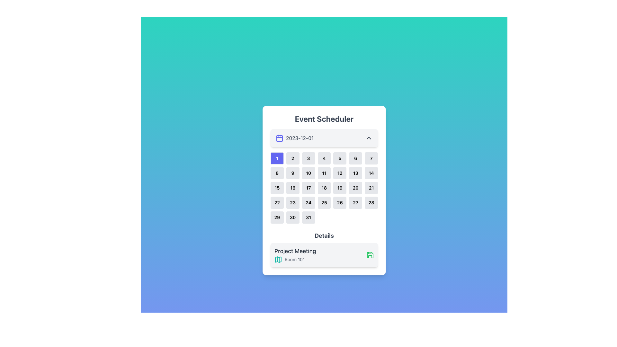  I want to click on the 'Details' text label, which is displayed in bold, gray text and acts as a separator title above the meeting room details, so click(324, 236).